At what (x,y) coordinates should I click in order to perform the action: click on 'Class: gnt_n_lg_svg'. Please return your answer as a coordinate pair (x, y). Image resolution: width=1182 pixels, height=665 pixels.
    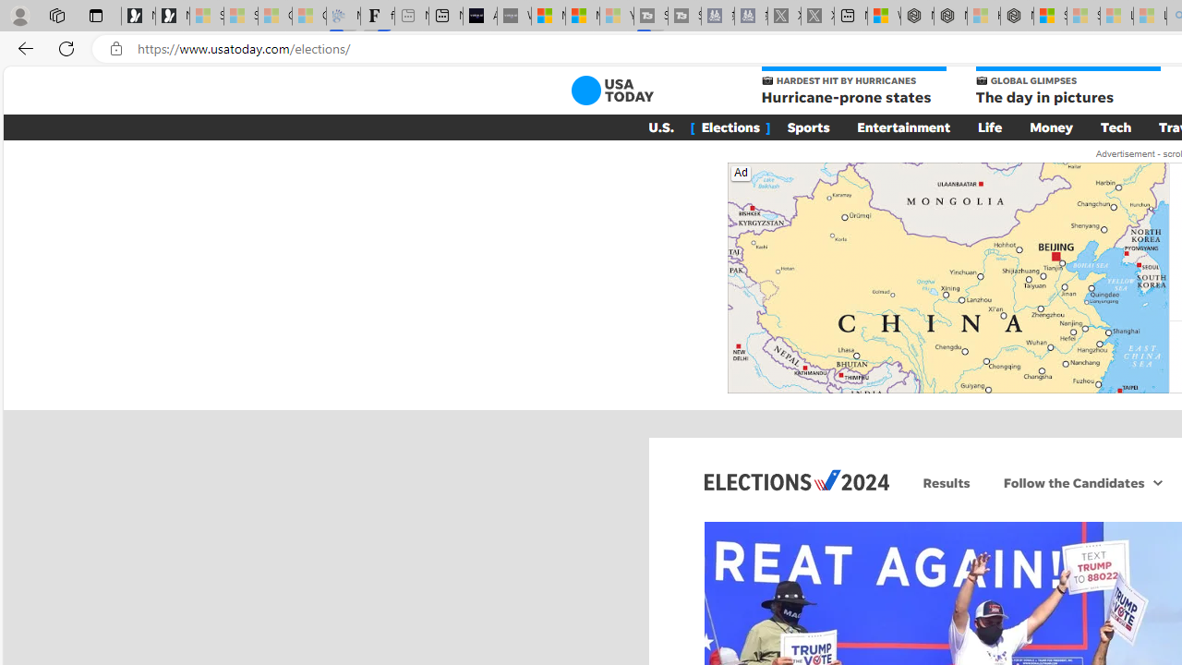
    Looking at the image, I should click on (612, 90).